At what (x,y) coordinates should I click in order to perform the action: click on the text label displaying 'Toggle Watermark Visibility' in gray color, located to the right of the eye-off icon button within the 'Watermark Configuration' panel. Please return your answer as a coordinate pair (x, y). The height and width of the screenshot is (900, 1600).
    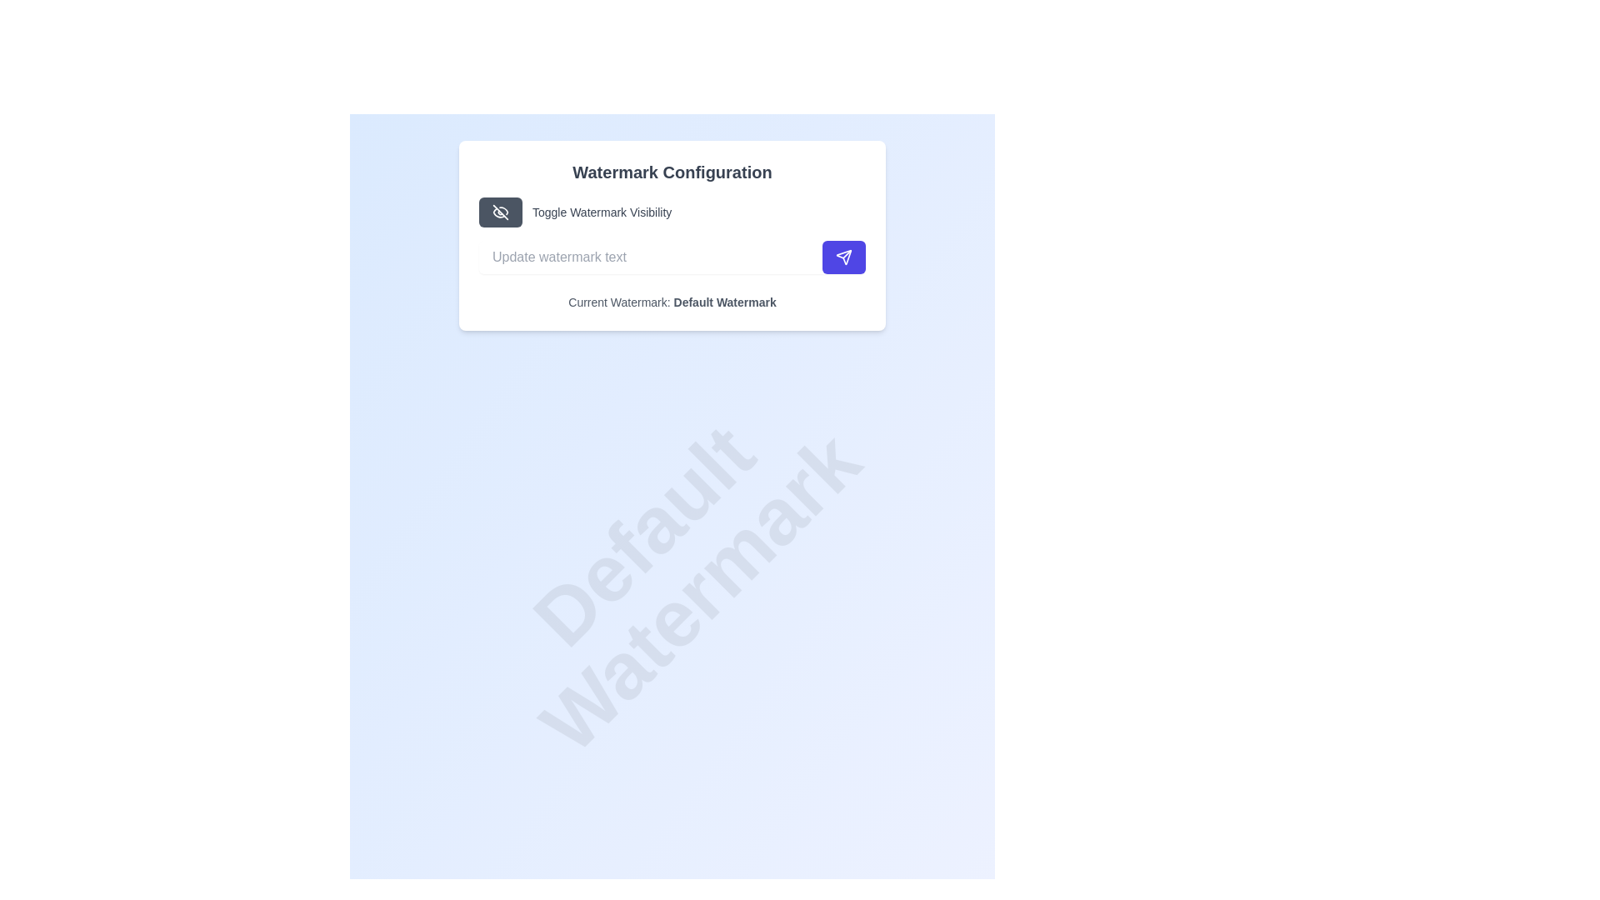
    Looking at the image, I should click on (601, 211).